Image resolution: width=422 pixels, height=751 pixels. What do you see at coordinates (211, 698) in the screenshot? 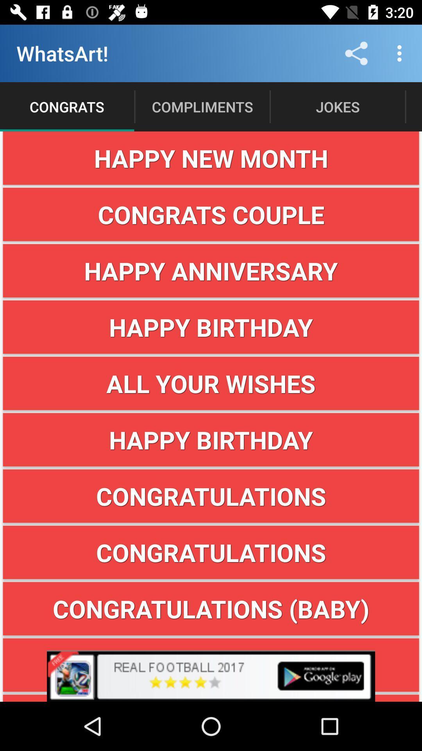
I see `item below wow icon` at bounding box center [211, 698].